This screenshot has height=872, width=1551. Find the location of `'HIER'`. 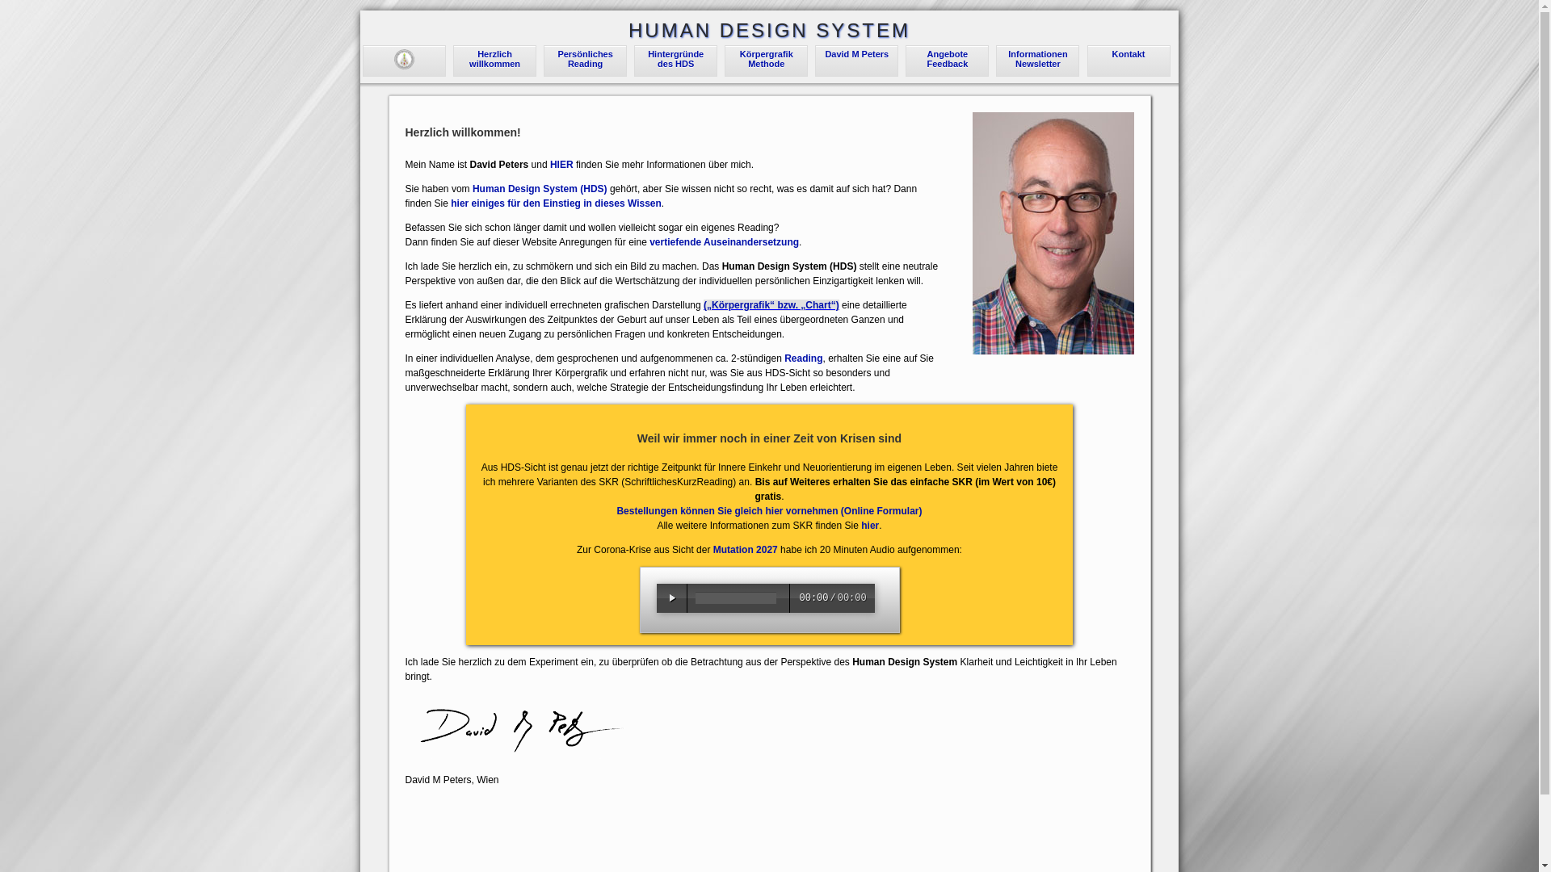

'HIER' is located at coordinates (561, 165).